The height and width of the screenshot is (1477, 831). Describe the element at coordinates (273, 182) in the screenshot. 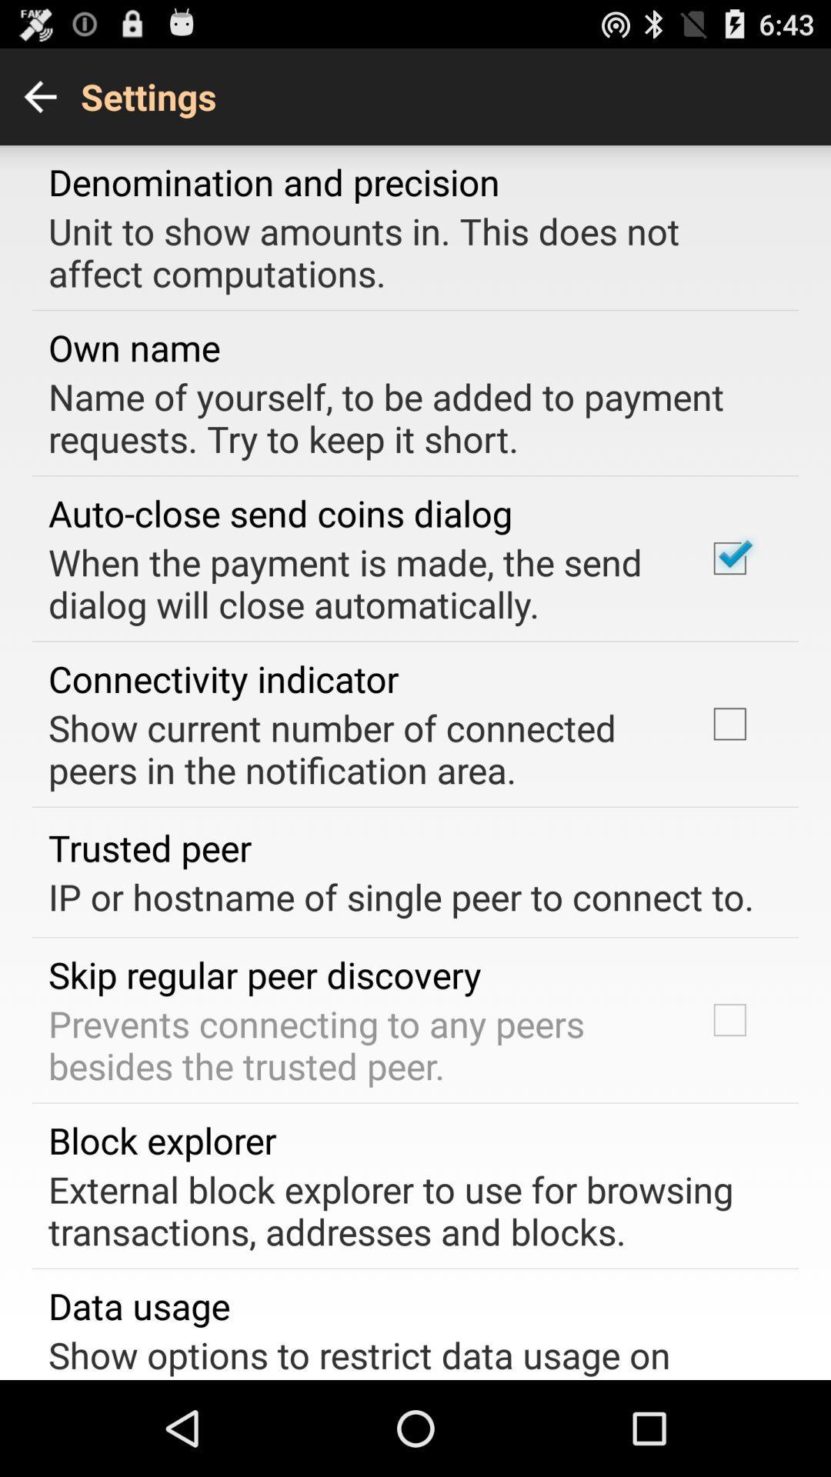

I see `the denomination and precision` at that location.